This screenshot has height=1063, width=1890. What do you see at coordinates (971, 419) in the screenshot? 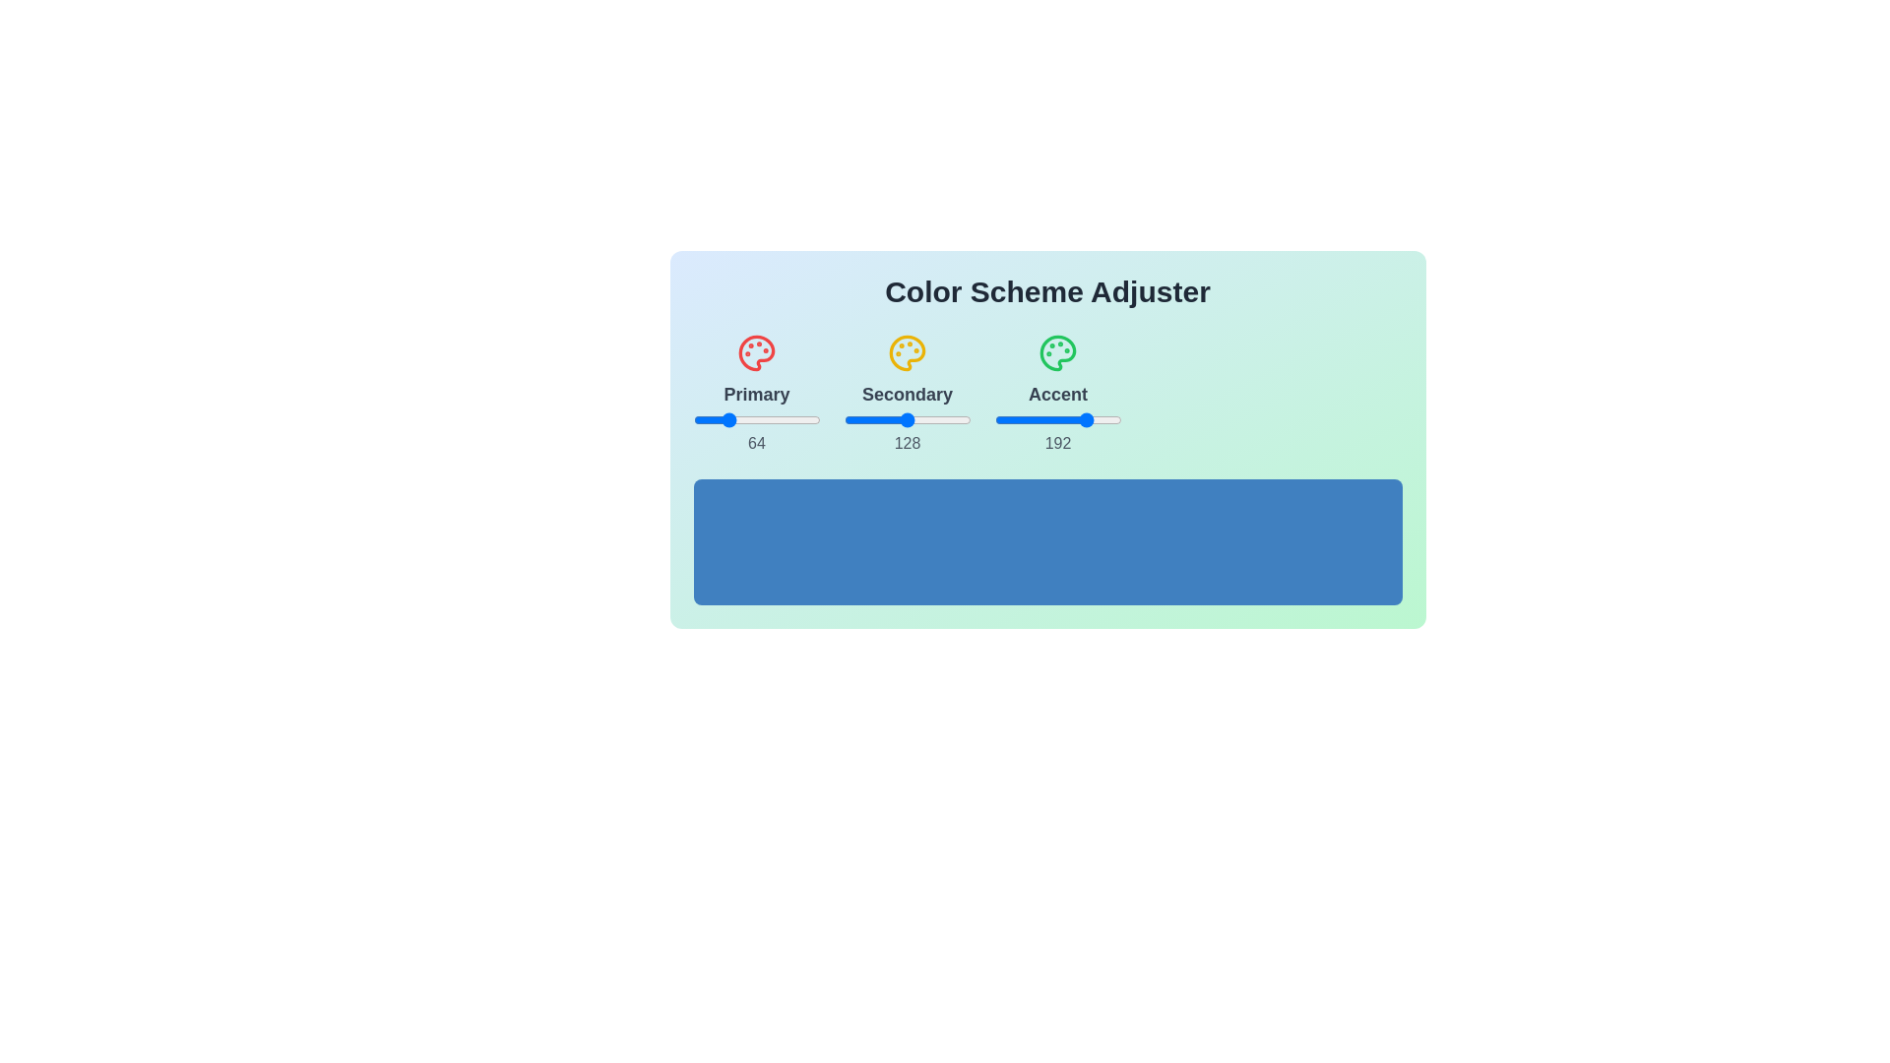
I see `the 1 slider to 127` at bounding box center [971, 419].